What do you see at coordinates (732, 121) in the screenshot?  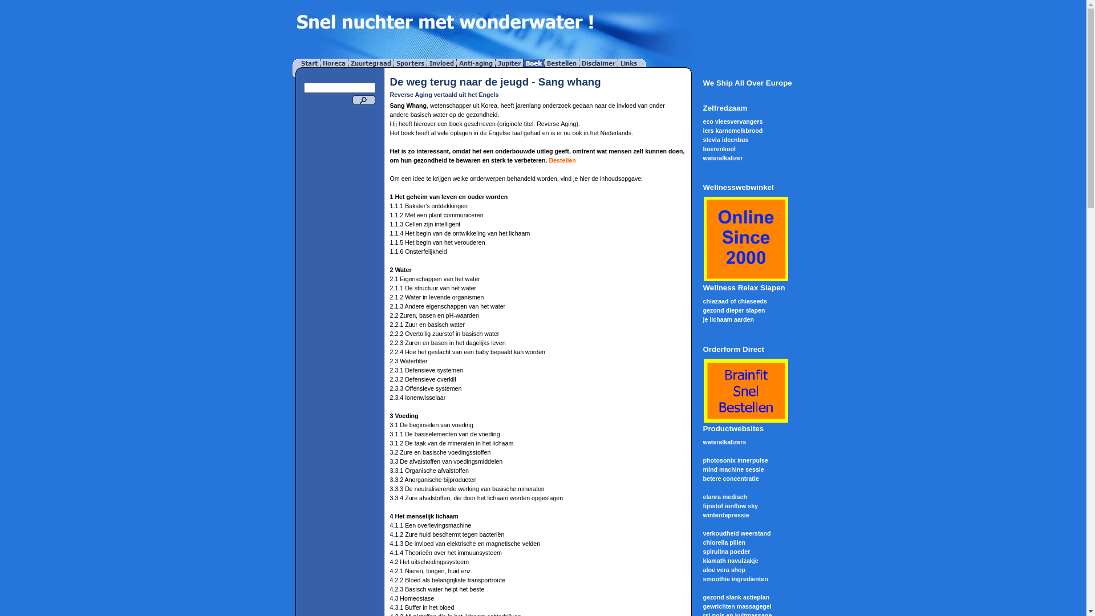 I see `'eco vleesvervangers'` at bounding box center [732, 121].